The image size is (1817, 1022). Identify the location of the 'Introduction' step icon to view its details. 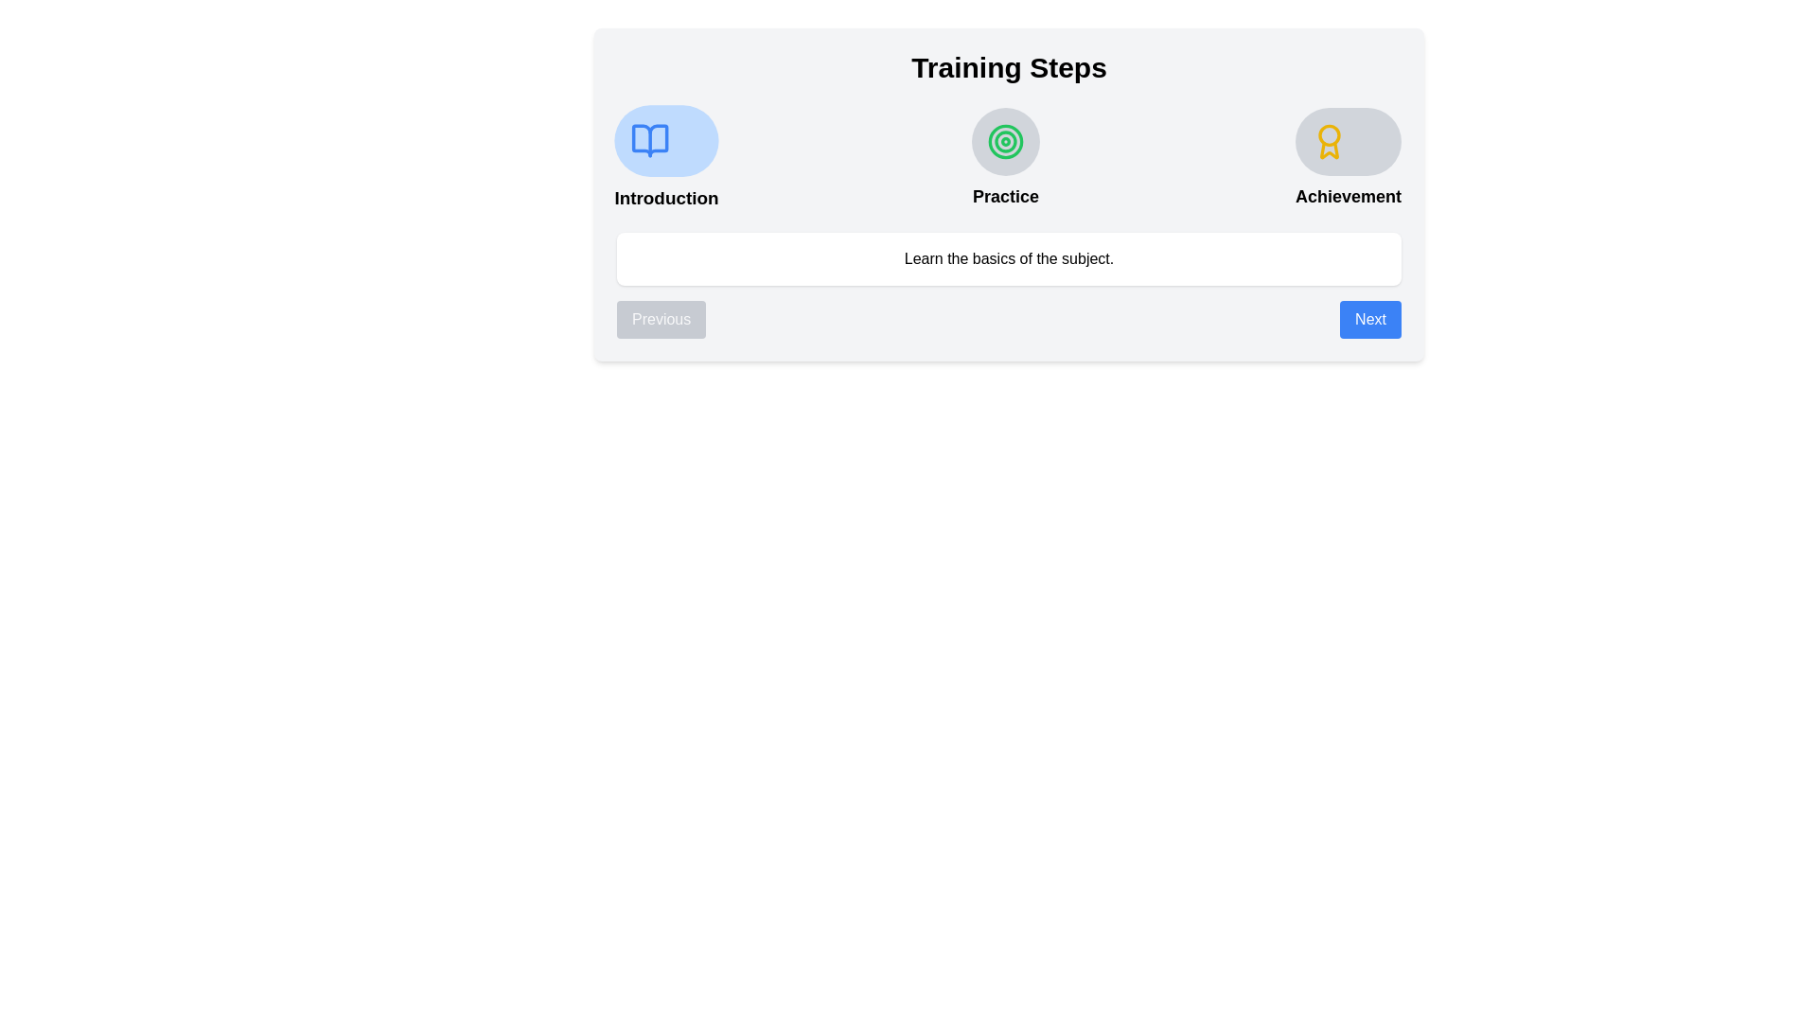
(666, 140).